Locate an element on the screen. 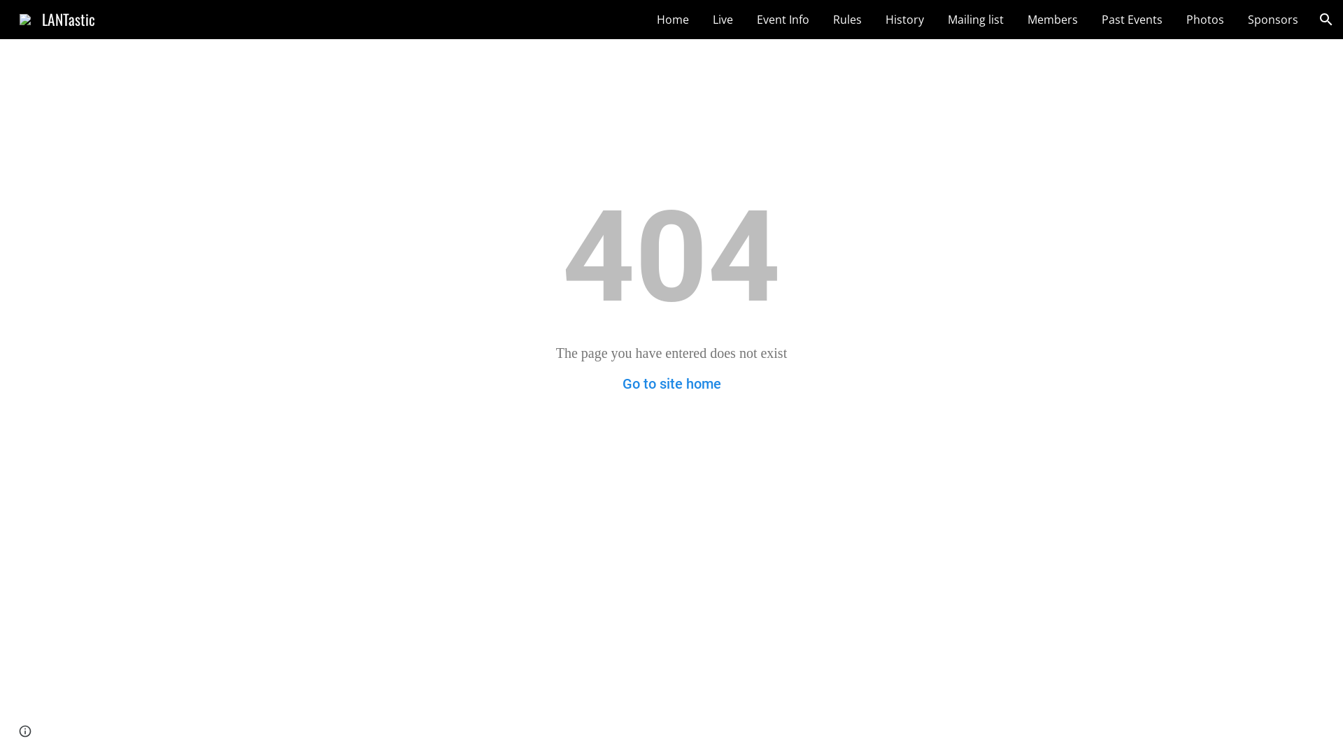 Image resolution: width=1343 pixels, height=755 pixels. 'LANTastic' is located at coordinates (10, 17).